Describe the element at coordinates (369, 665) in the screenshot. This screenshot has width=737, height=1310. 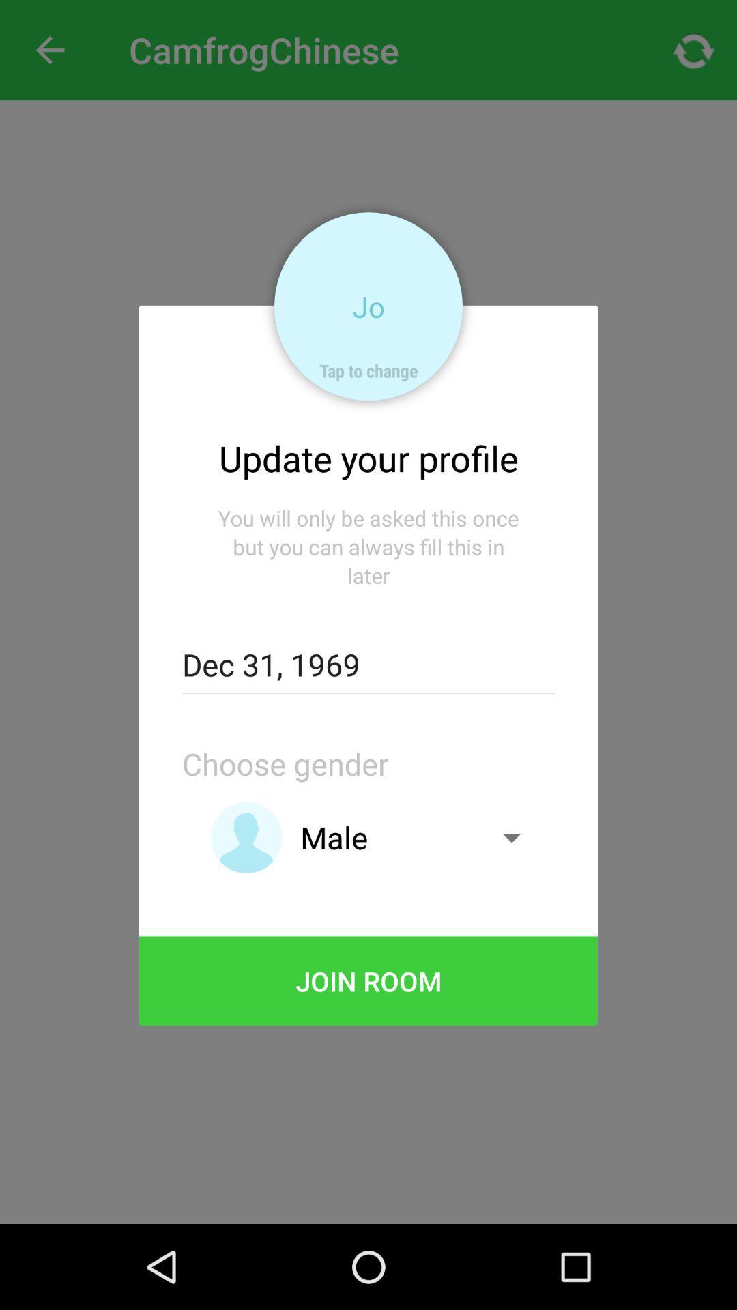
I see `dec 31, 1969 icon` at that location.